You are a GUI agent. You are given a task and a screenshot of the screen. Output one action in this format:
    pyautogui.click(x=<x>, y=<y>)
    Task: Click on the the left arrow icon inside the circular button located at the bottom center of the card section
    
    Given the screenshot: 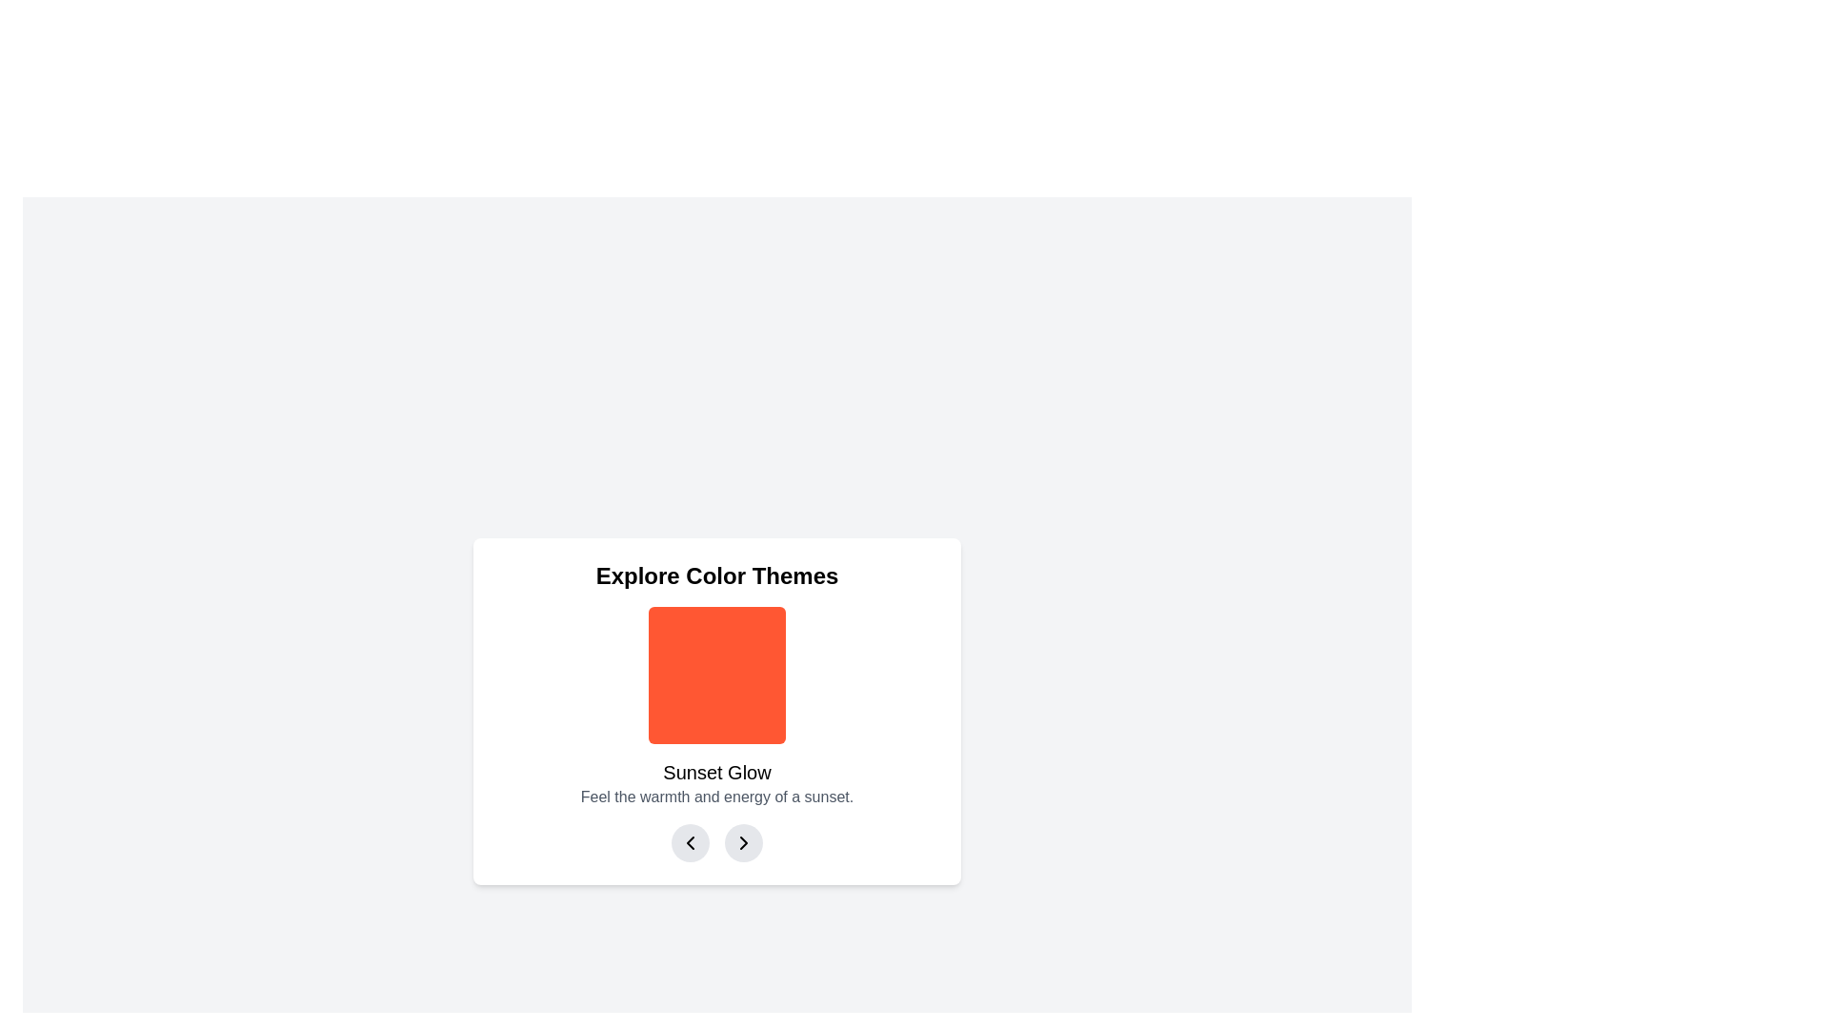 What is the action you would take?
    pyautogui.click(x=689, y=841)
    